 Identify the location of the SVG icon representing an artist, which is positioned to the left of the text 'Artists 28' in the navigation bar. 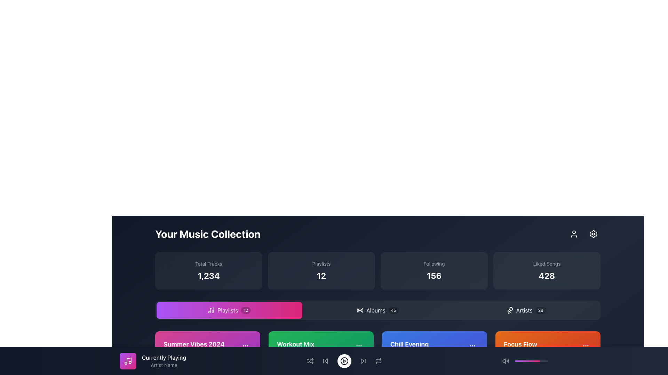
(510, 310).